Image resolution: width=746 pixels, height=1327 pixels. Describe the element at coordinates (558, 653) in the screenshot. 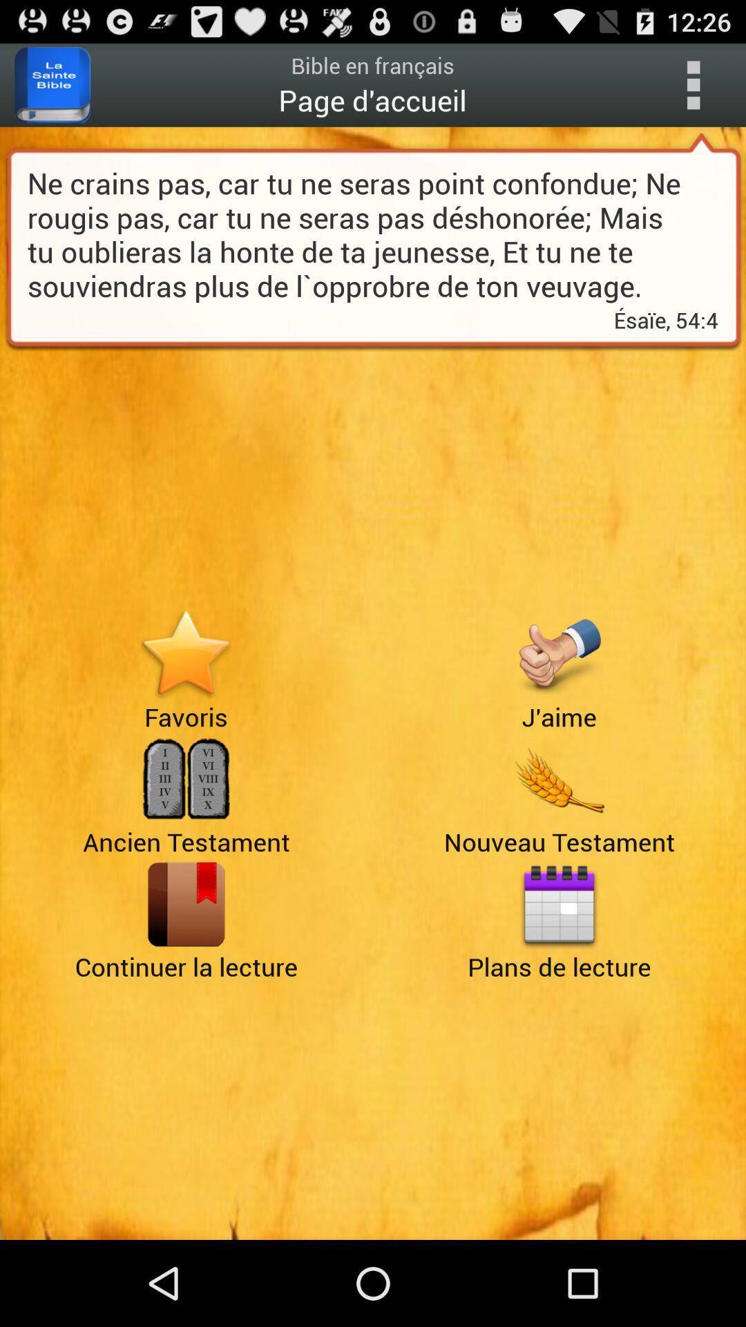

I see `give a thumbs up or like` at that location.